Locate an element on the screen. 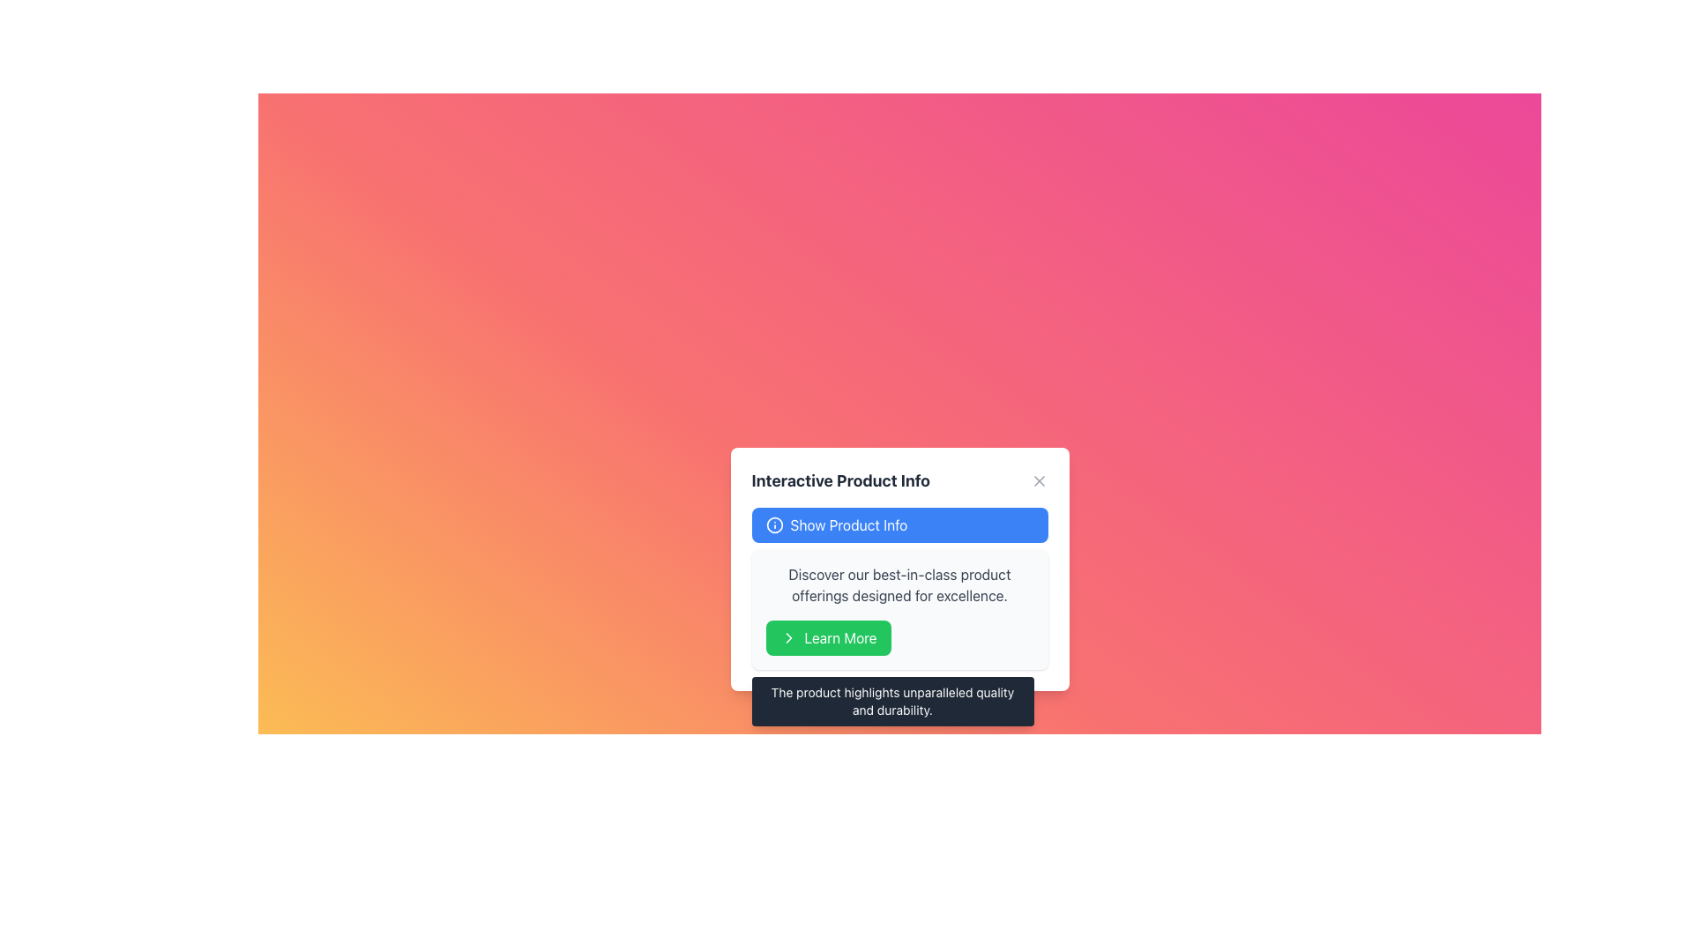 This screenshot has width=1693, height=952. the 'information' icon within the blue circular background located to the left of the 'Show Product Info' button is located at coordinates (774, 524).